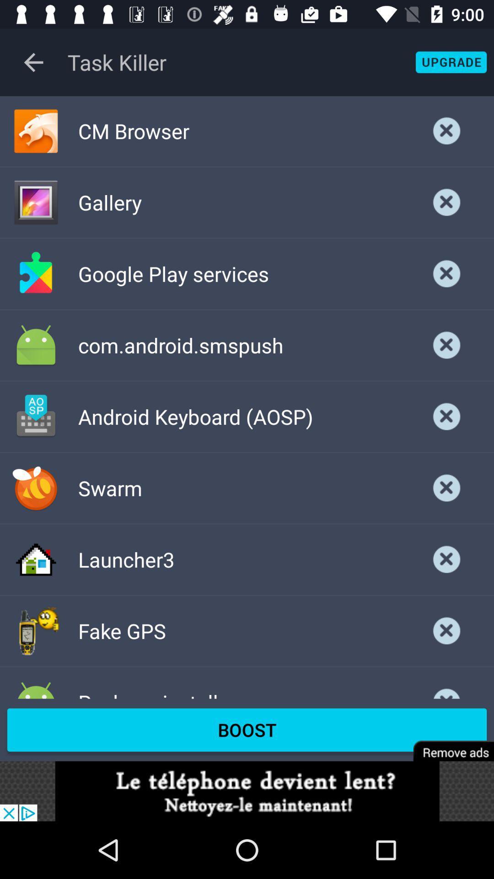 This screenshot has height=879, width=494. What do you see at coordinates (446, 630) in the screenshot?
I see `end task x button` at bounding box center [446, 630].